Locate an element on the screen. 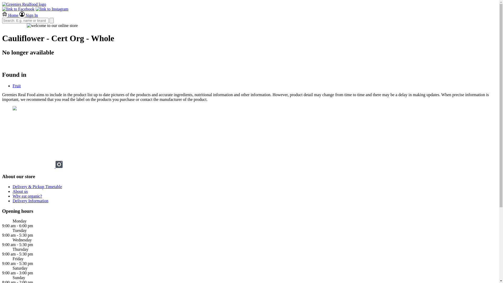  'Sign In' is located at coordinates (28, 15).